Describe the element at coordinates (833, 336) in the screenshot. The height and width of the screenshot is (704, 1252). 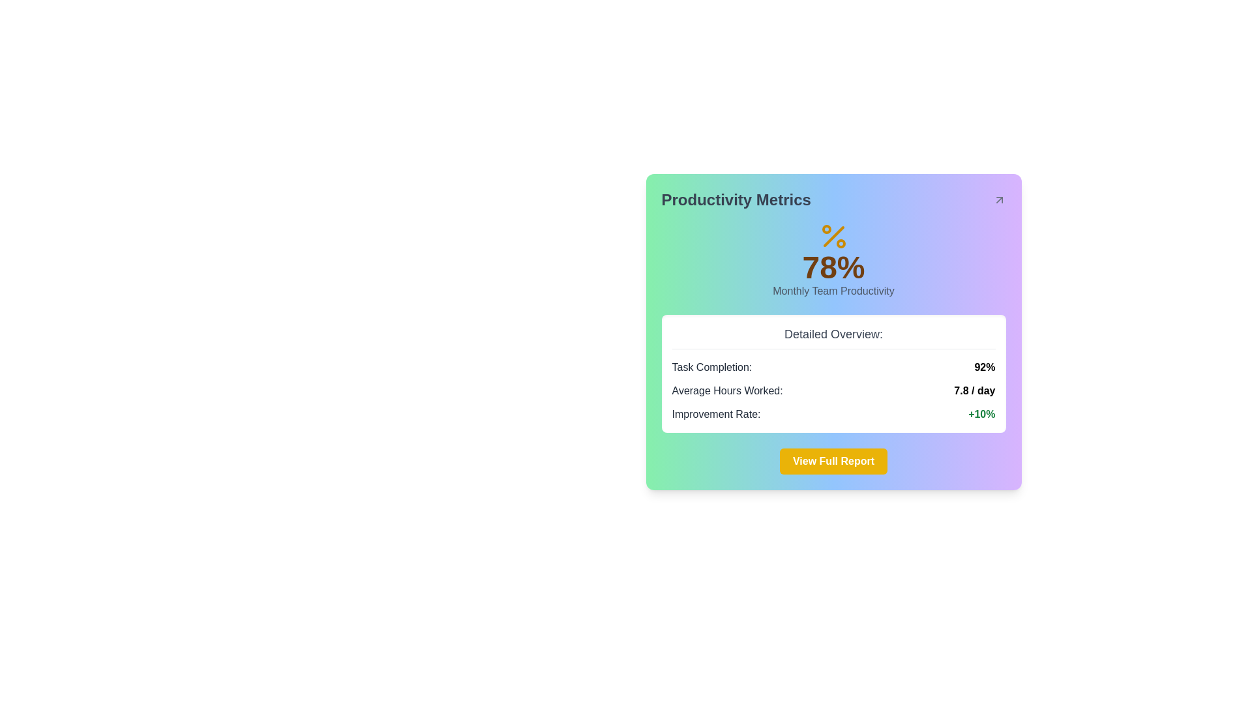
I see `the Text Label that serves as a header for the detailed metrics section, positioned just below the main productivity percentage` at that location.